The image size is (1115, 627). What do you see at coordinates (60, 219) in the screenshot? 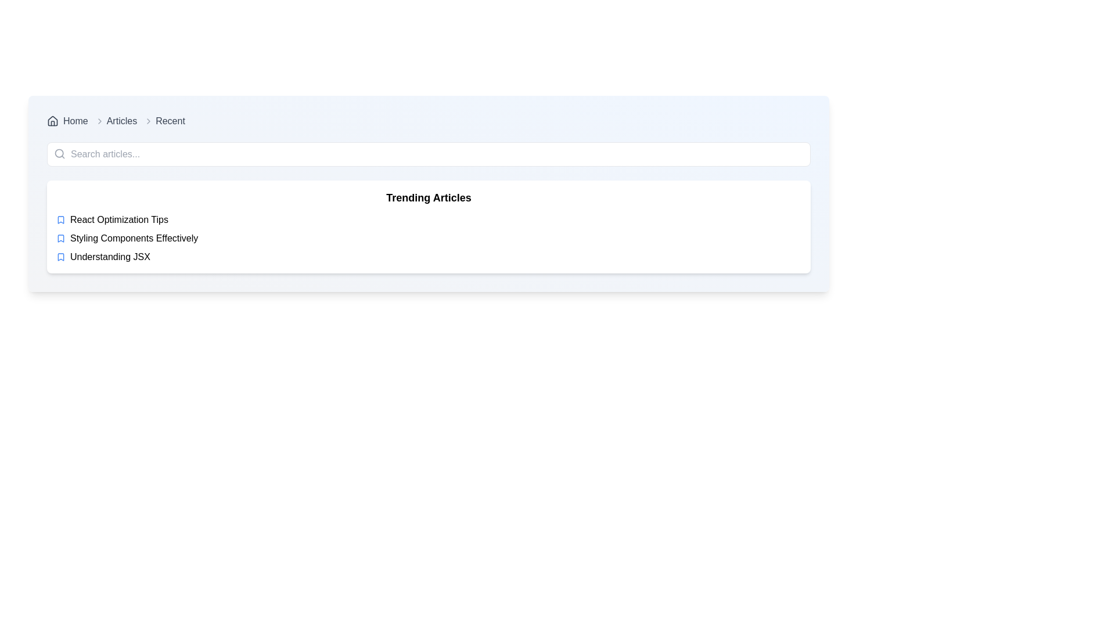
I see `the bookmark icon located to the left of the text 'React Optimization Tips' in the first row of the articles list to interact with the bookmark status` at bounding box center [60, 219].